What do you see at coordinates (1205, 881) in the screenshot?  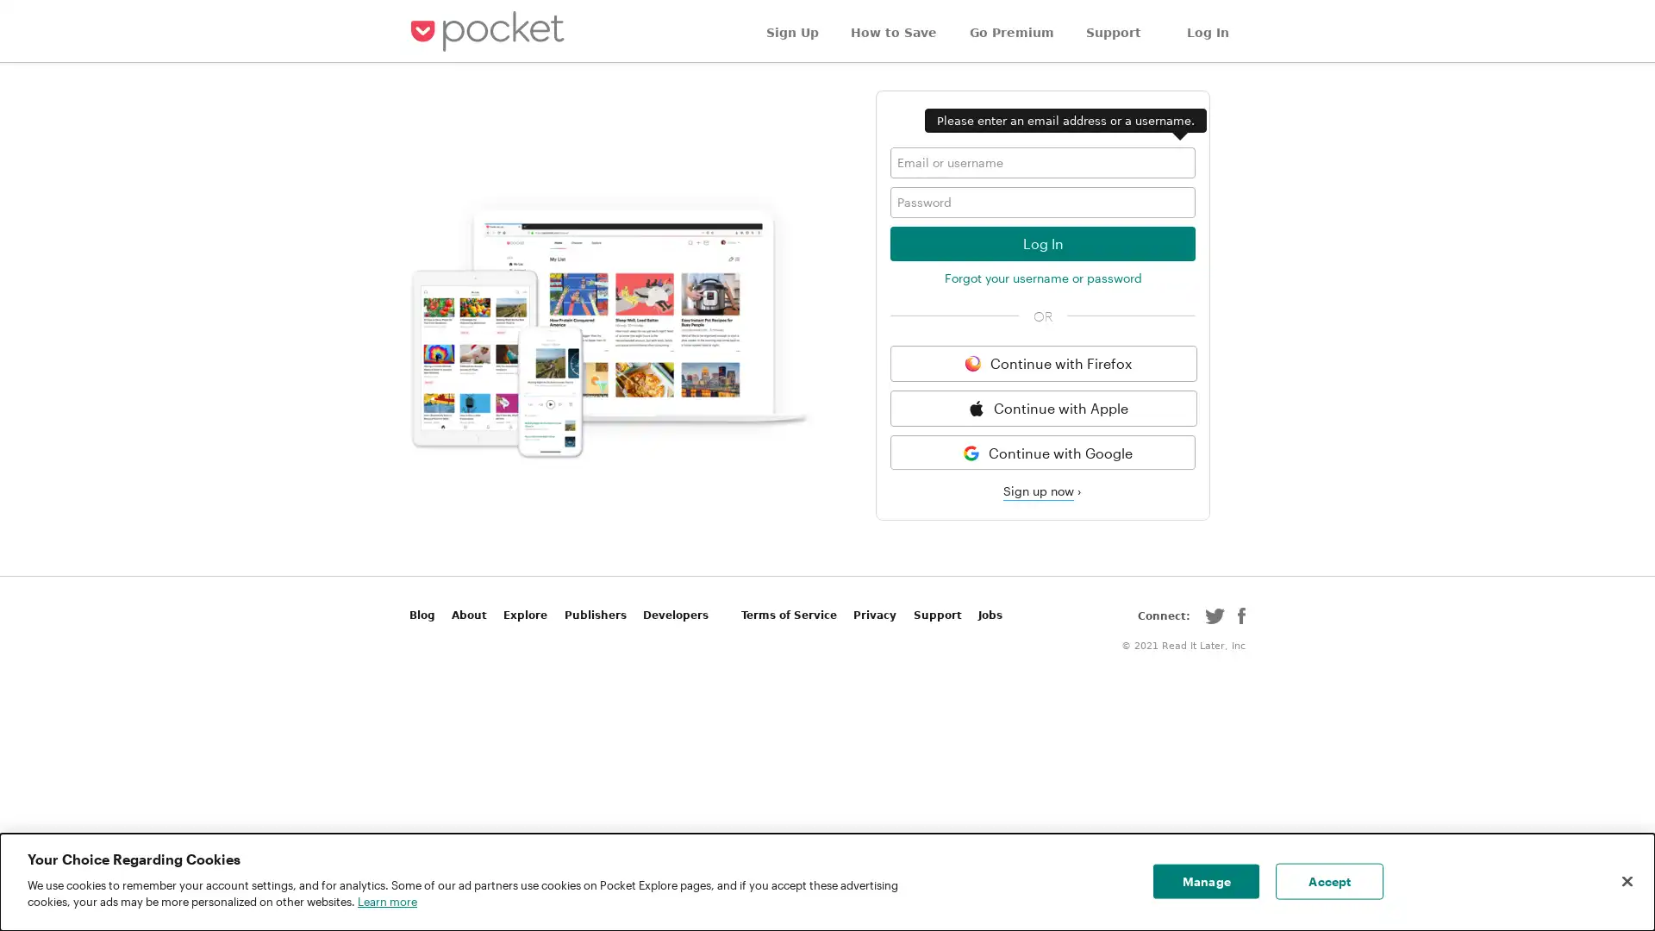 I see `Manage` at bounding box center [1205, 881].